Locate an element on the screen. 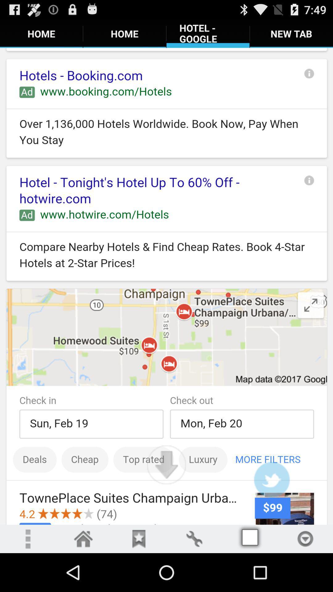 The height and width of the screenshot is (592, 333). the wish list icon which is next to home icon is located at coordinates (139, 538).